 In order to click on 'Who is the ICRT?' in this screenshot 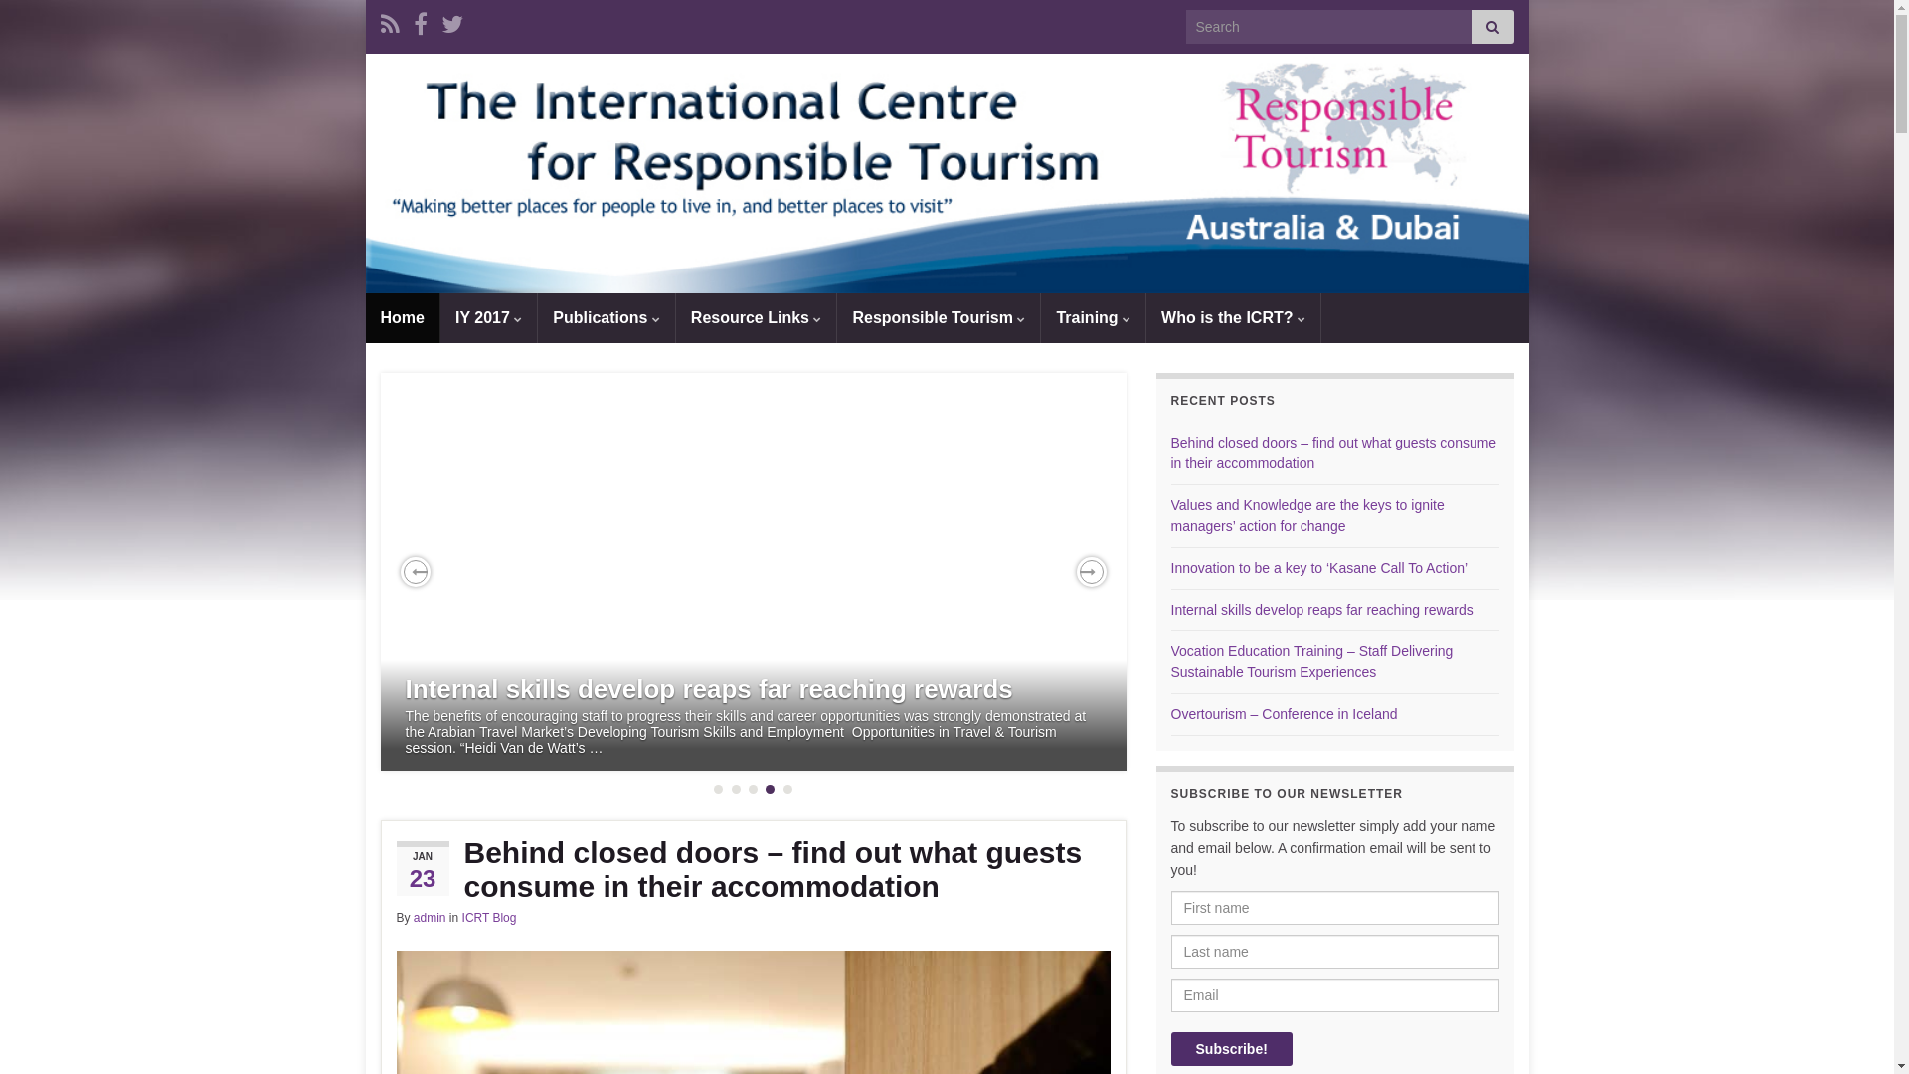, I will do `click(1145, 317)`.